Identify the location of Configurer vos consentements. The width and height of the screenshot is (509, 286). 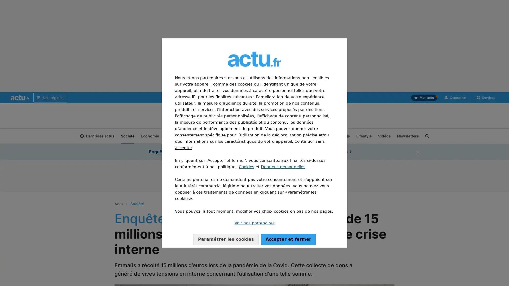
(226, 239).